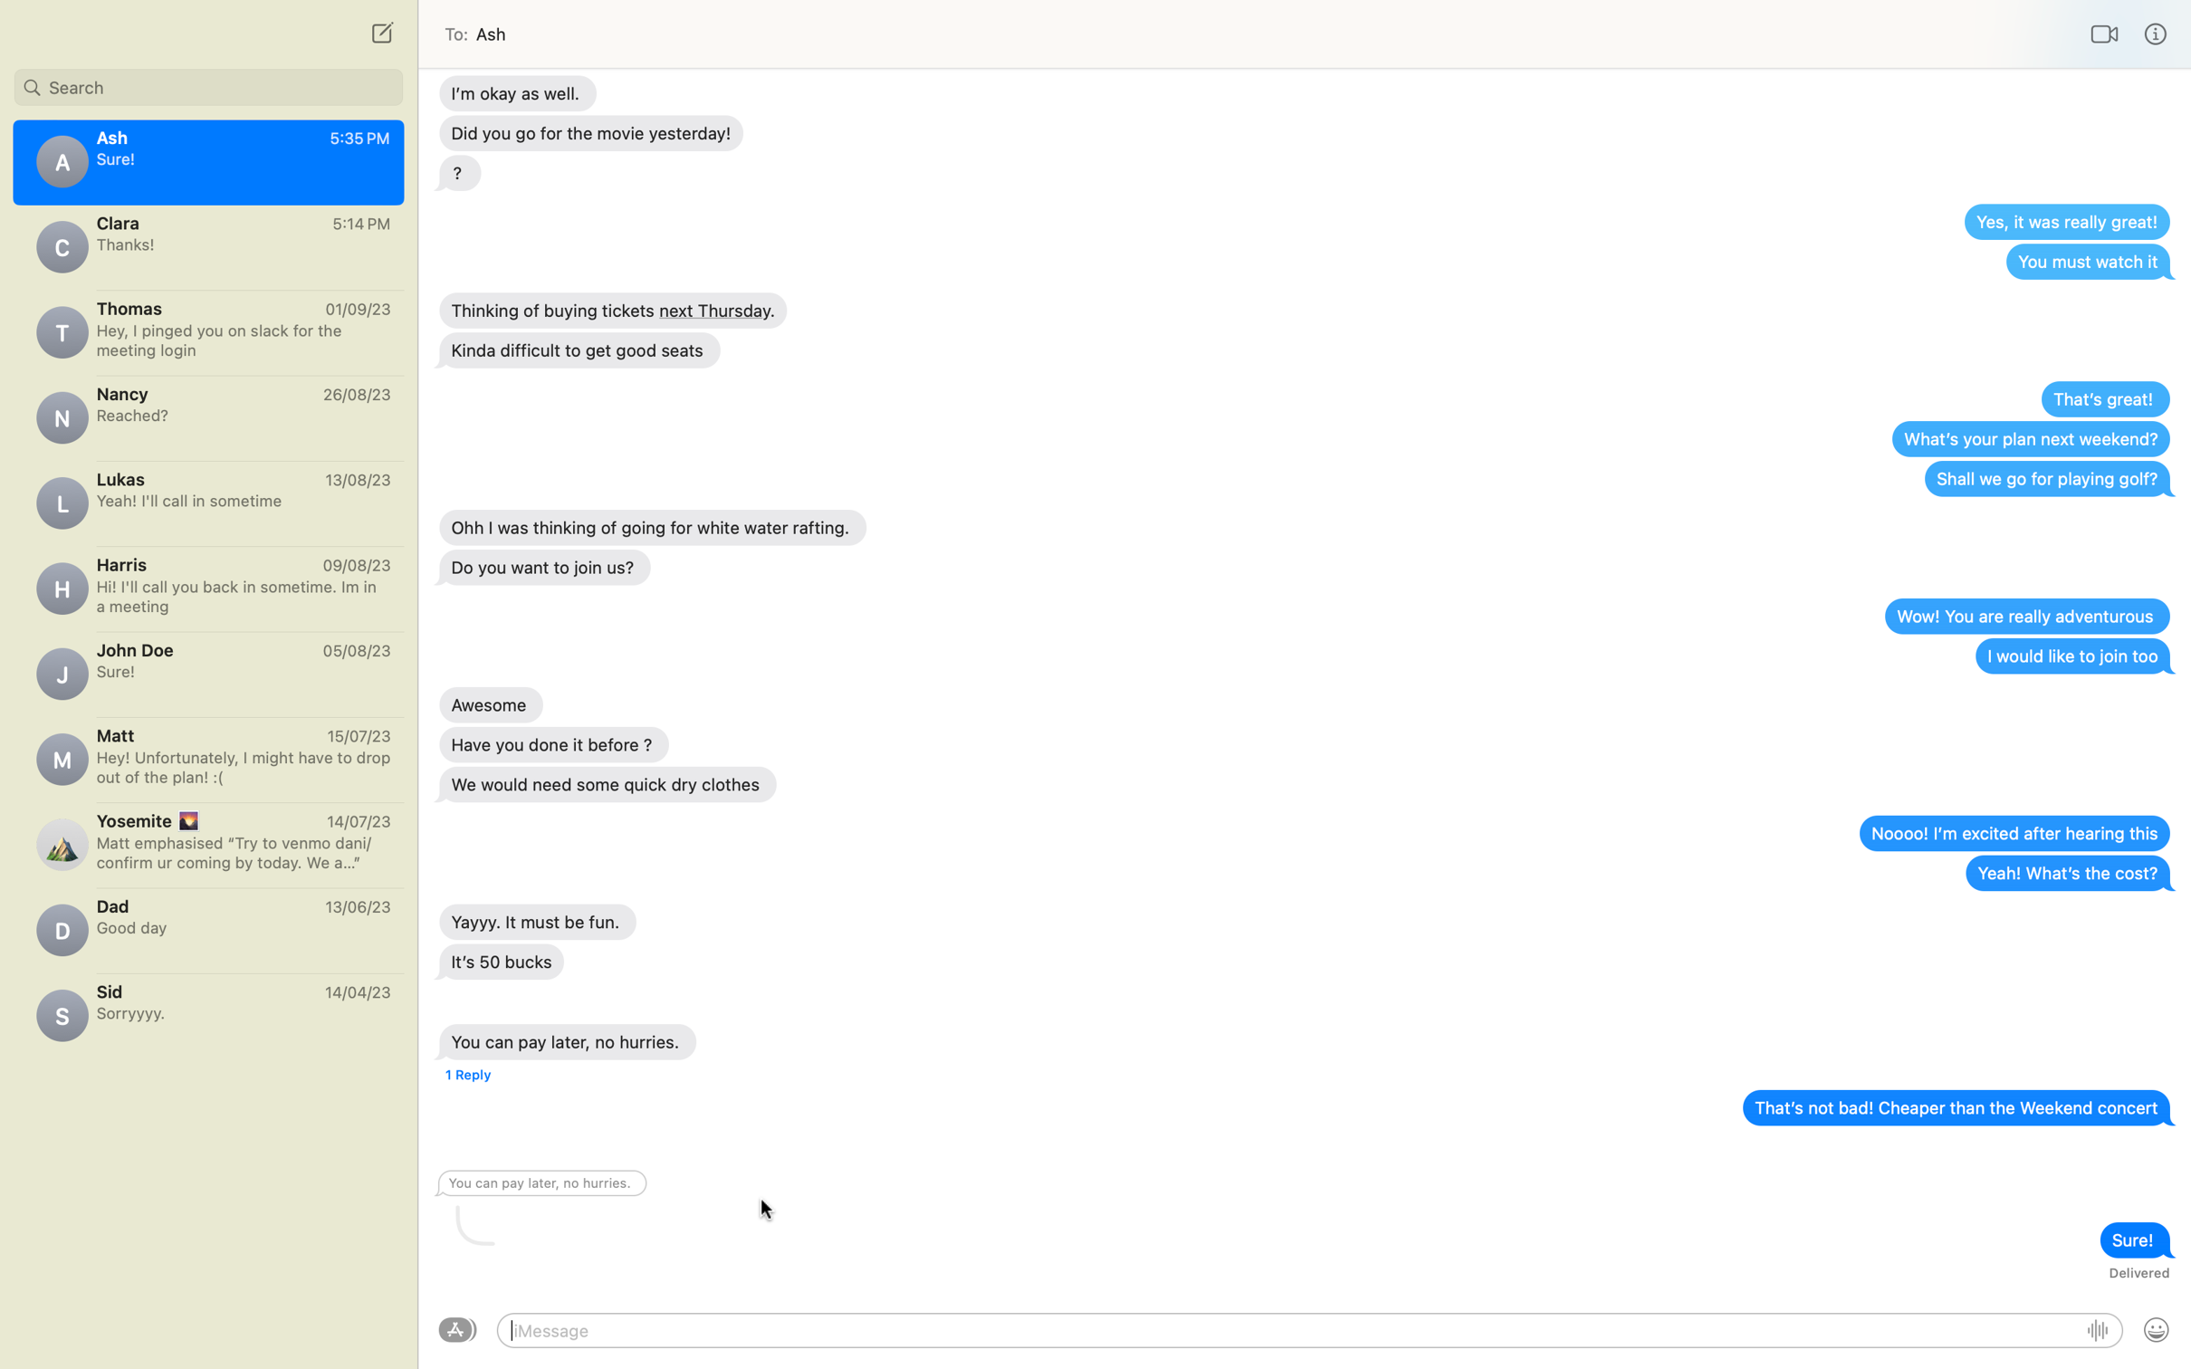  I want to click on a new messaging thread with Chris, so click(379, 32).